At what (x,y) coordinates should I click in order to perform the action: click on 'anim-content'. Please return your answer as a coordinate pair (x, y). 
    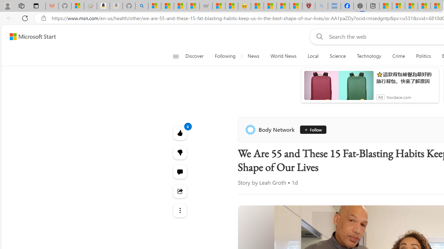
    Looking at the image, I should click on (339, 88).